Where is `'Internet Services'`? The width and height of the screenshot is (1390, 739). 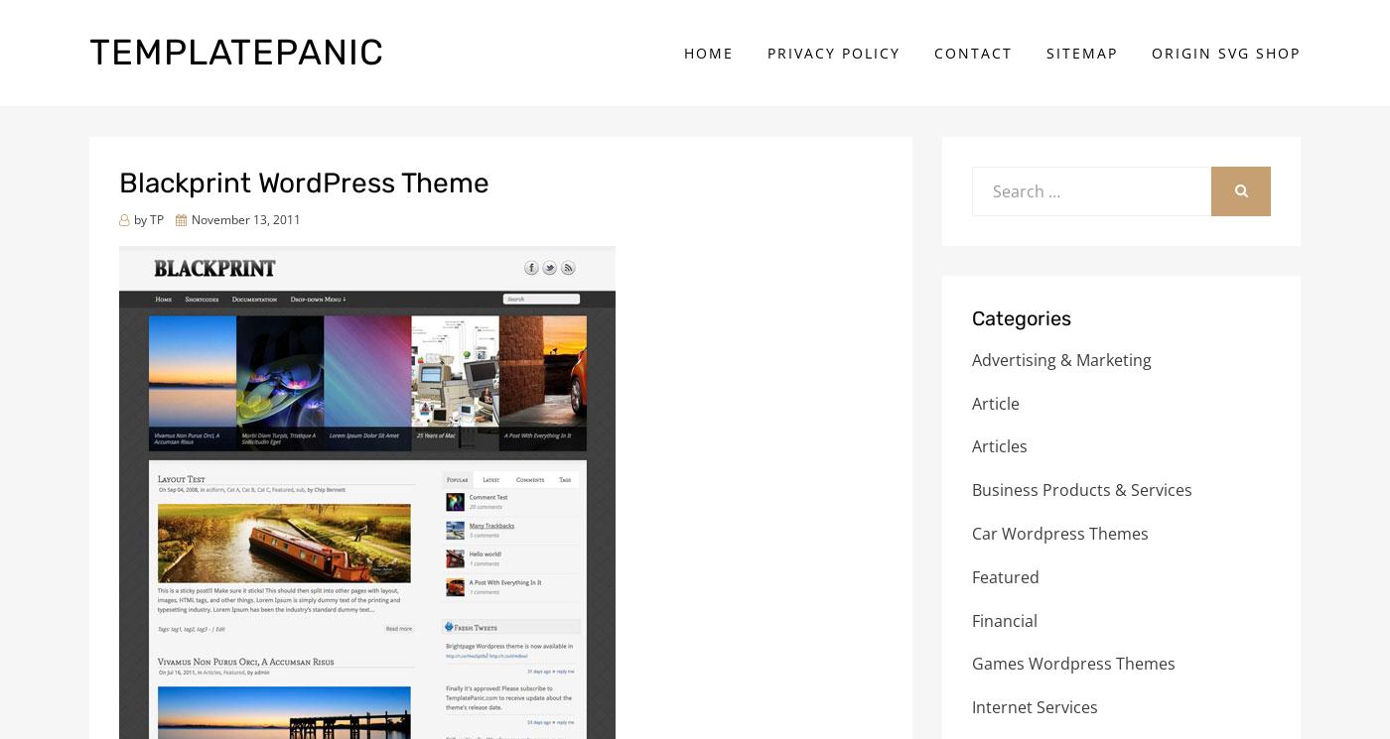
'Internet Services' is located at coordinates (972, 705).